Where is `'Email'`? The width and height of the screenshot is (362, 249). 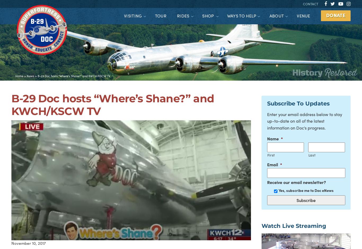
'Email' is located at coordinates (272, 164).